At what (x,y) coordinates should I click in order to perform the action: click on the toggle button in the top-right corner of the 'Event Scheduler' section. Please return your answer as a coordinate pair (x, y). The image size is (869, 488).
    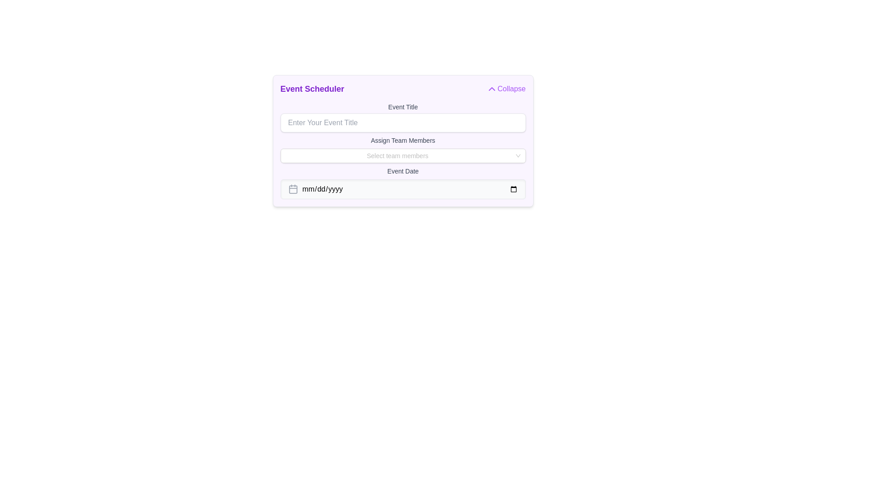
    Looking at the image, I should click on (506, 89).